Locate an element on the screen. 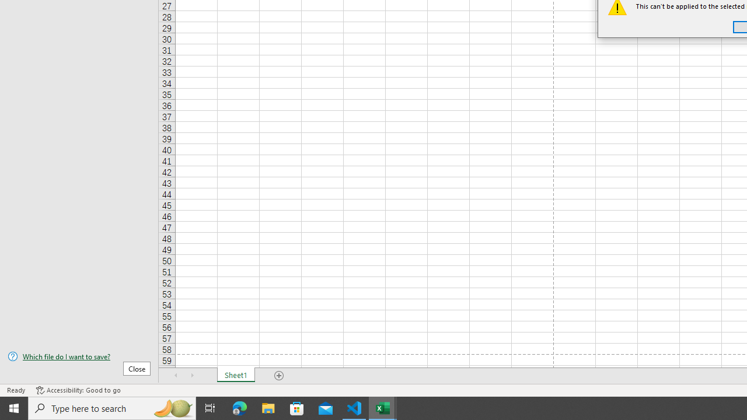 The height and width of the screenshot is (420, 747). 'Excel - 2 running windows' is located at coordinates (383, 407).